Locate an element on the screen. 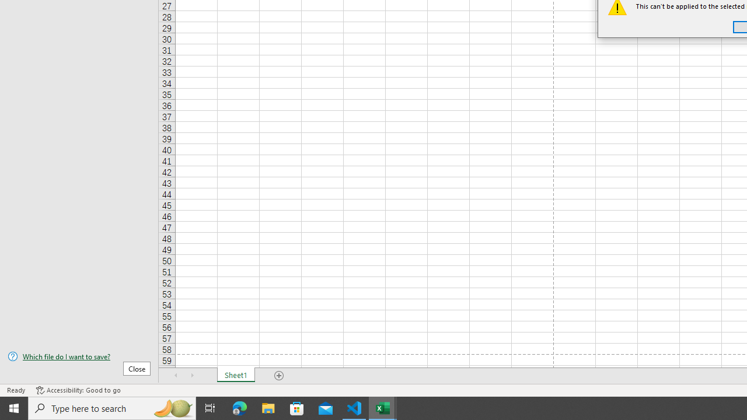 The height and width of the screenshot is (420, 747). 'Excel - 2 running windows' is located at coordinates (383, 407).